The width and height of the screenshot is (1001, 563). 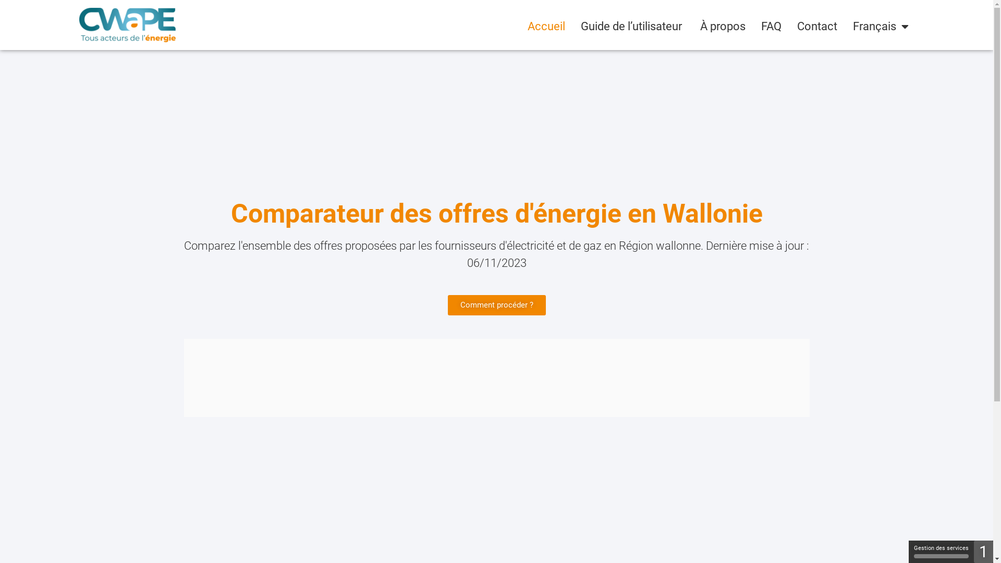 I want to click on 'Accueil', so click(x=545, y=26).